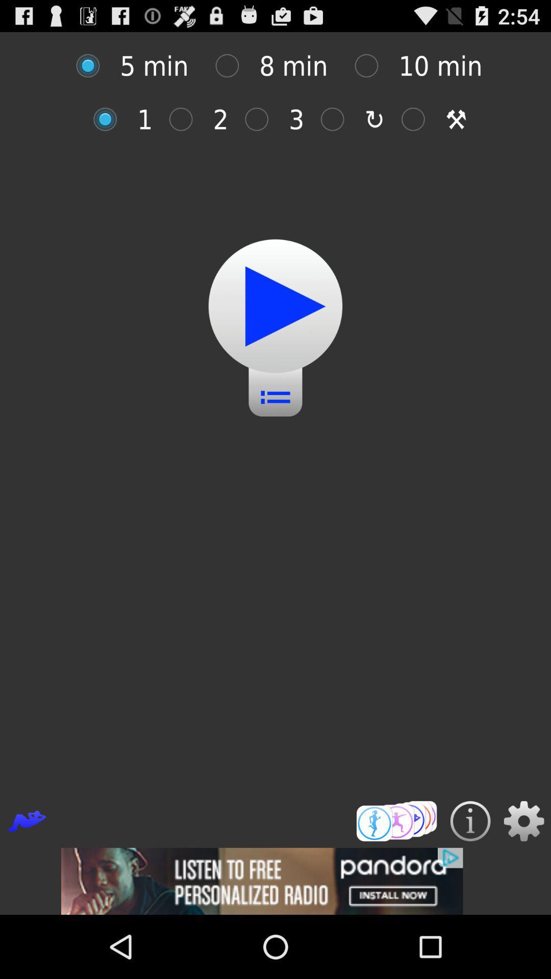 Image resolution: width=551 pixels, height=979 pixels. I want to click on more information, so click(470, 821).